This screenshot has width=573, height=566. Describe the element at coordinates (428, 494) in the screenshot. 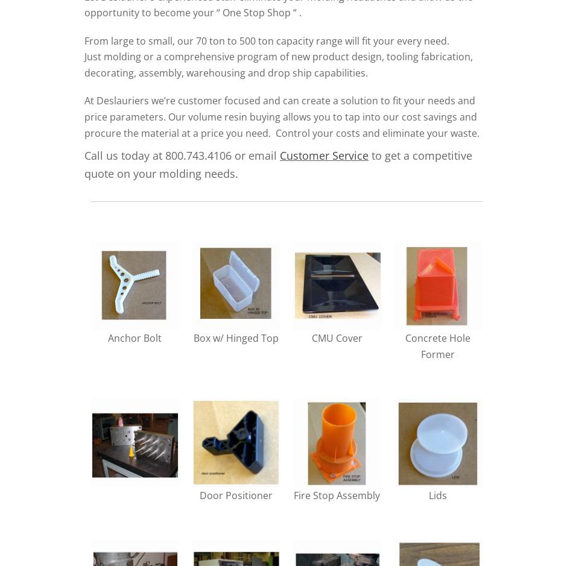

I see `'Lids'` at that location.